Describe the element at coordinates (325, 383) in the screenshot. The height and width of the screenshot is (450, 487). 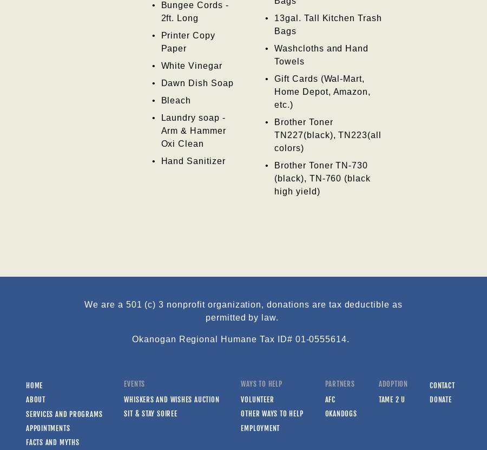
I see `'Partners'` at that location.